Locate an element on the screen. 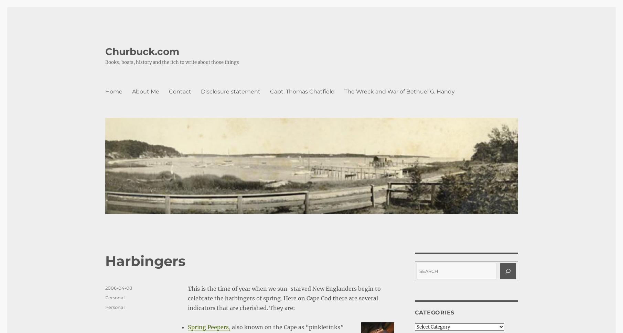  'The Wreck and War of Bethuel G. Handy' is located at coordinates (399, 91).